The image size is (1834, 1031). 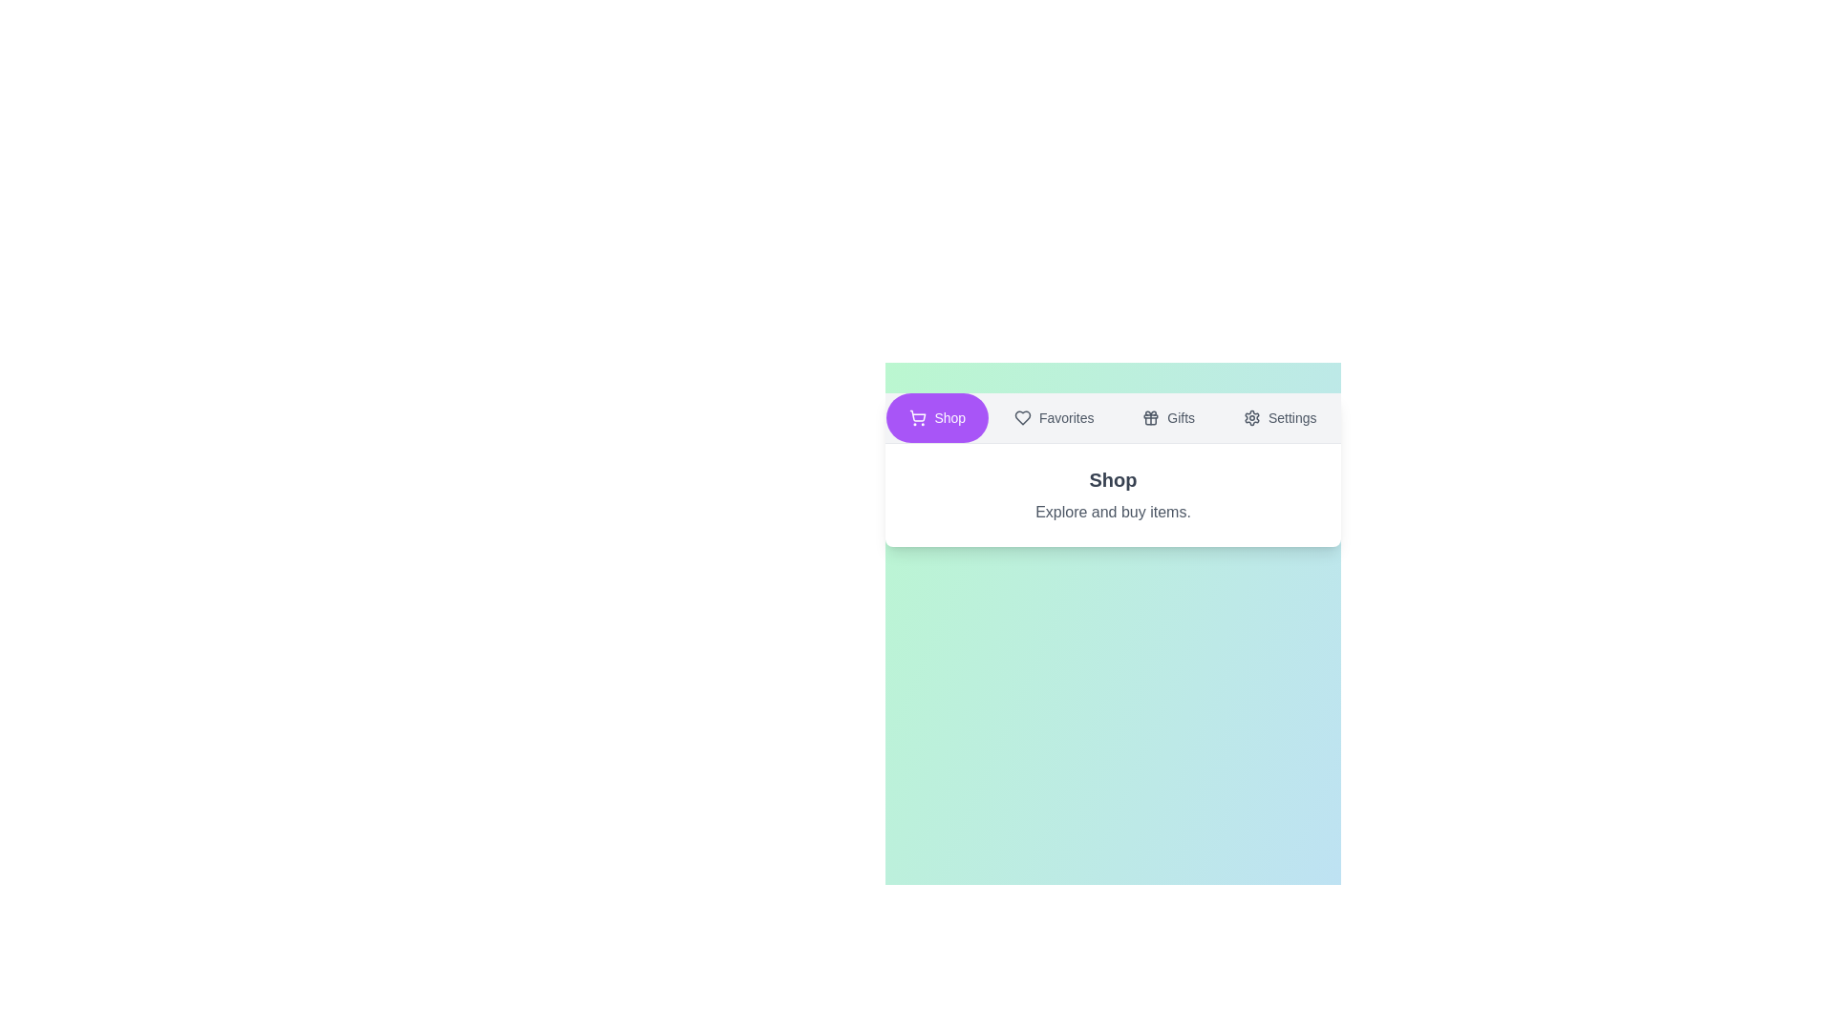 I want to click on the Shop tab by clicking its button, so click(x=937, y=417).